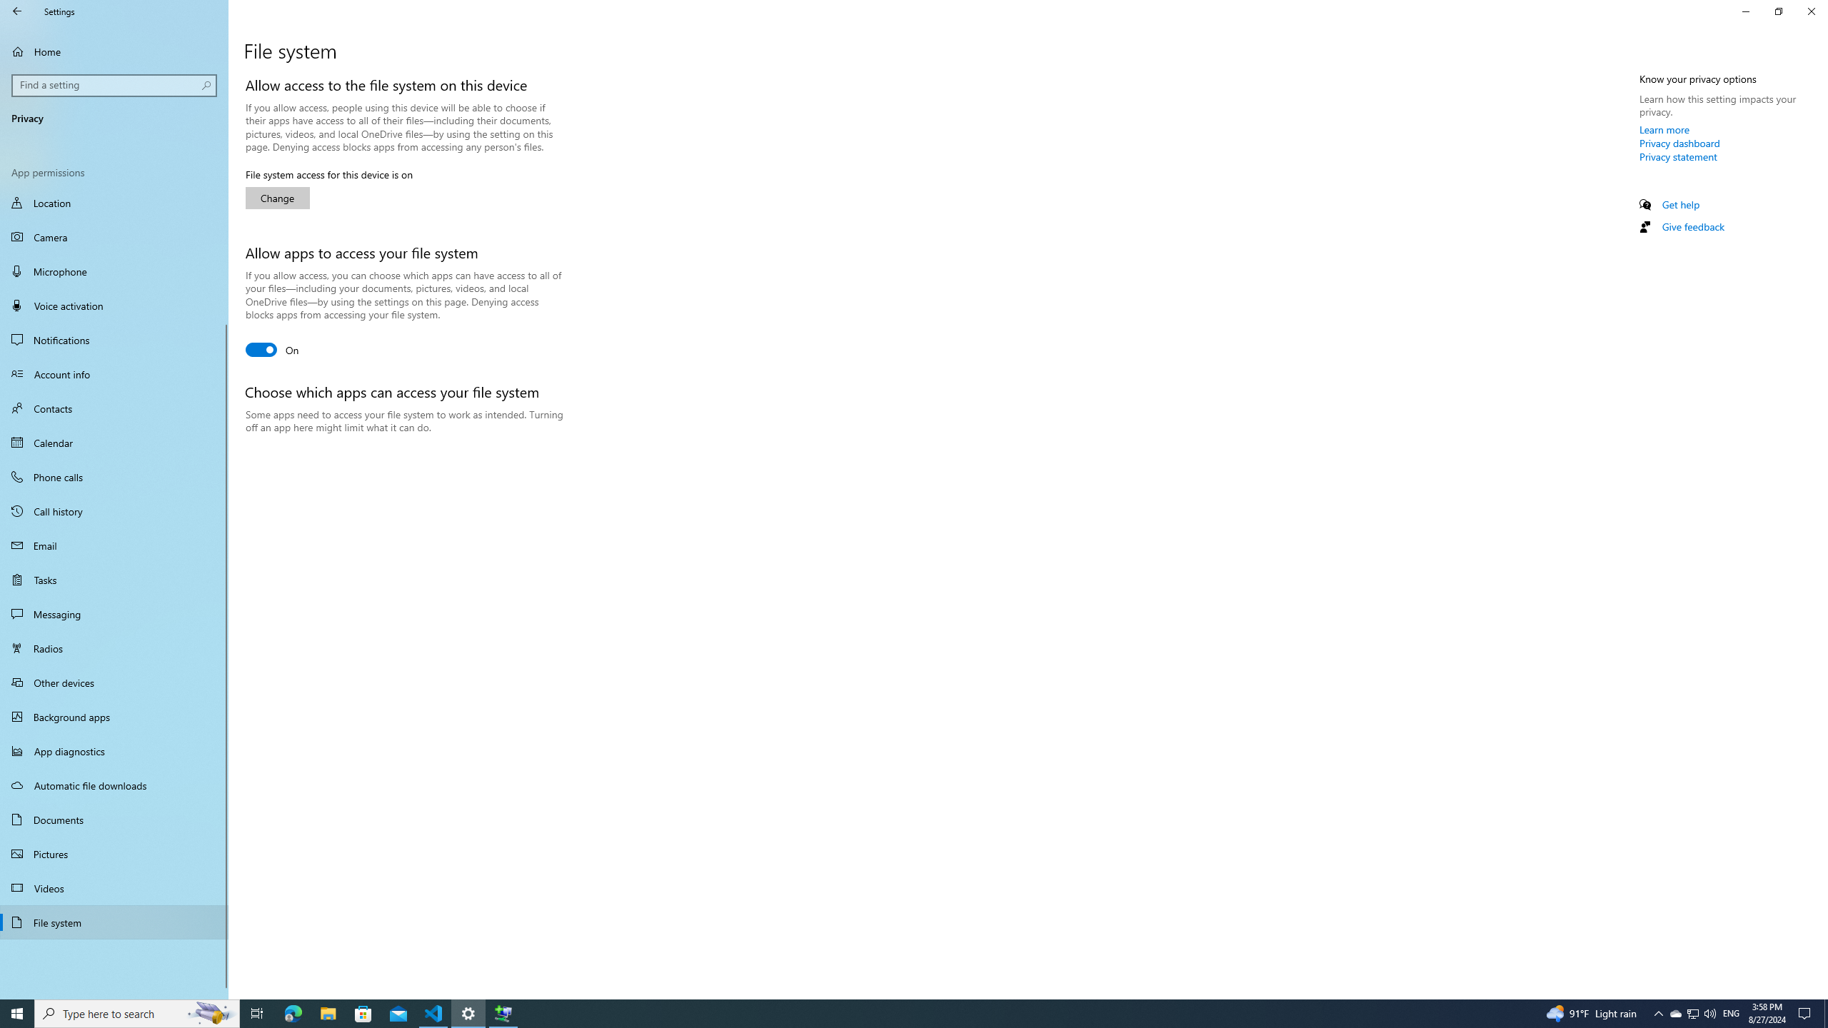 The height and width of the screenshot is (1028, 1828). Describe the element at coordinates (887, 1012) in the screenshot. I see `'Running applications'` at that location.